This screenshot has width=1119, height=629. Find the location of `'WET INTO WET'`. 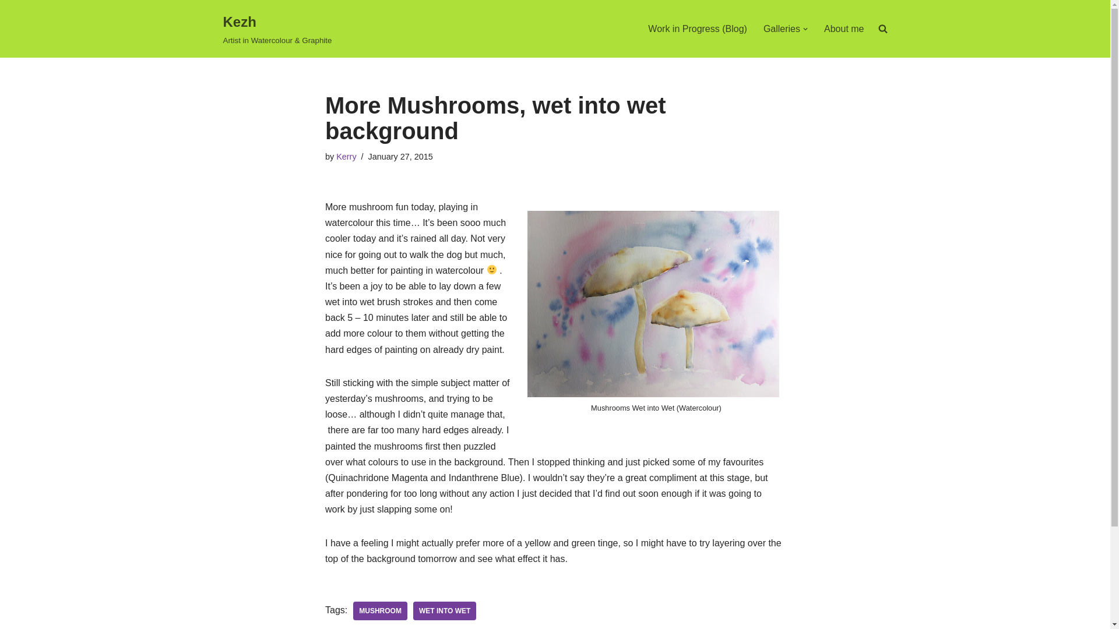

'WET INTO WET' is located at coordinates (413, 610).